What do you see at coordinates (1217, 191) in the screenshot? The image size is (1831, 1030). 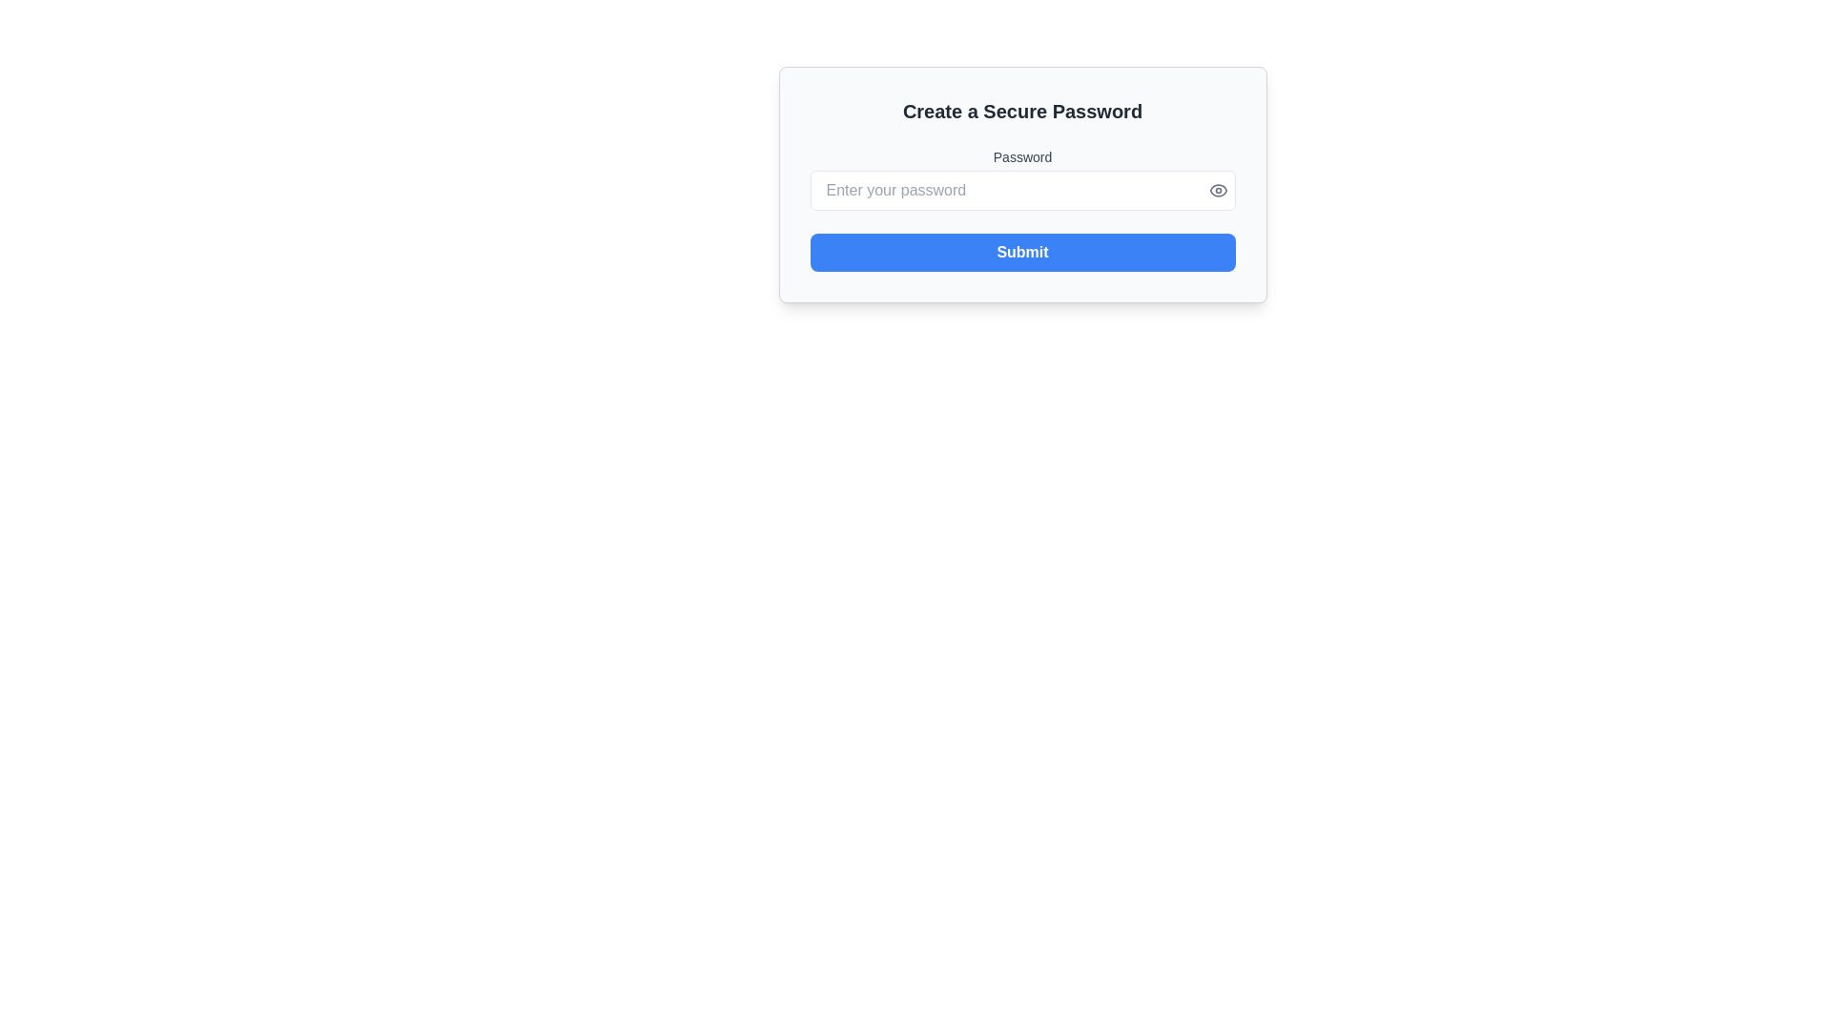 I see `the button` at bounding box center [1217, 191].